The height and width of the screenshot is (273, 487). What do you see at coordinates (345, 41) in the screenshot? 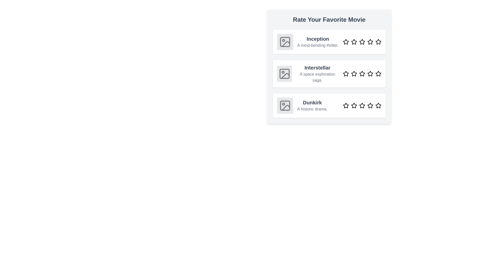
I see `the first rating star button for the movie` at bounding box center [345, 41].